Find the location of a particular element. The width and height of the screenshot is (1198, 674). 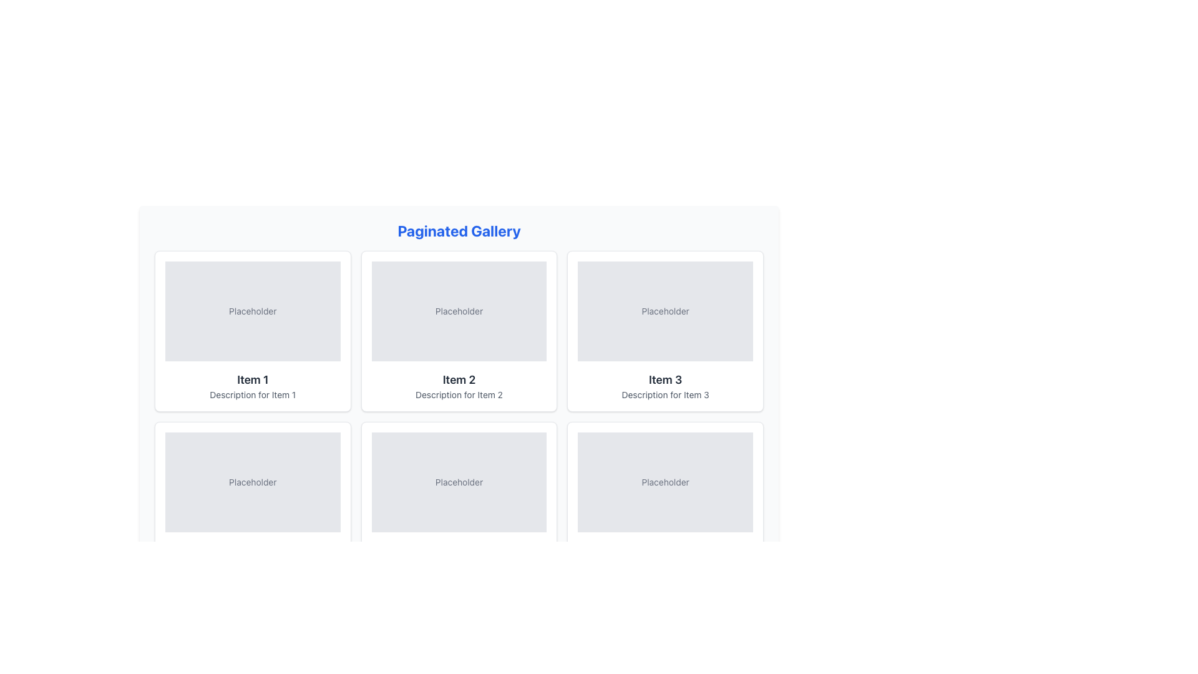

the first Card component in the grid layout for accessibility is located at coordinates (252, 331).